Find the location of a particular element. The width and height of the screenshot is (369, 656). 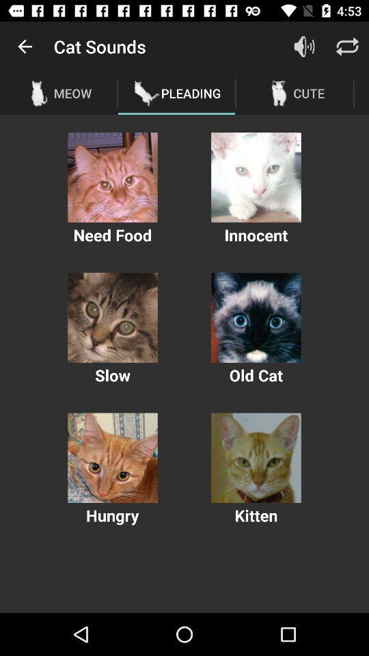

a selection button for old cat is located at coordinates (256, 318).